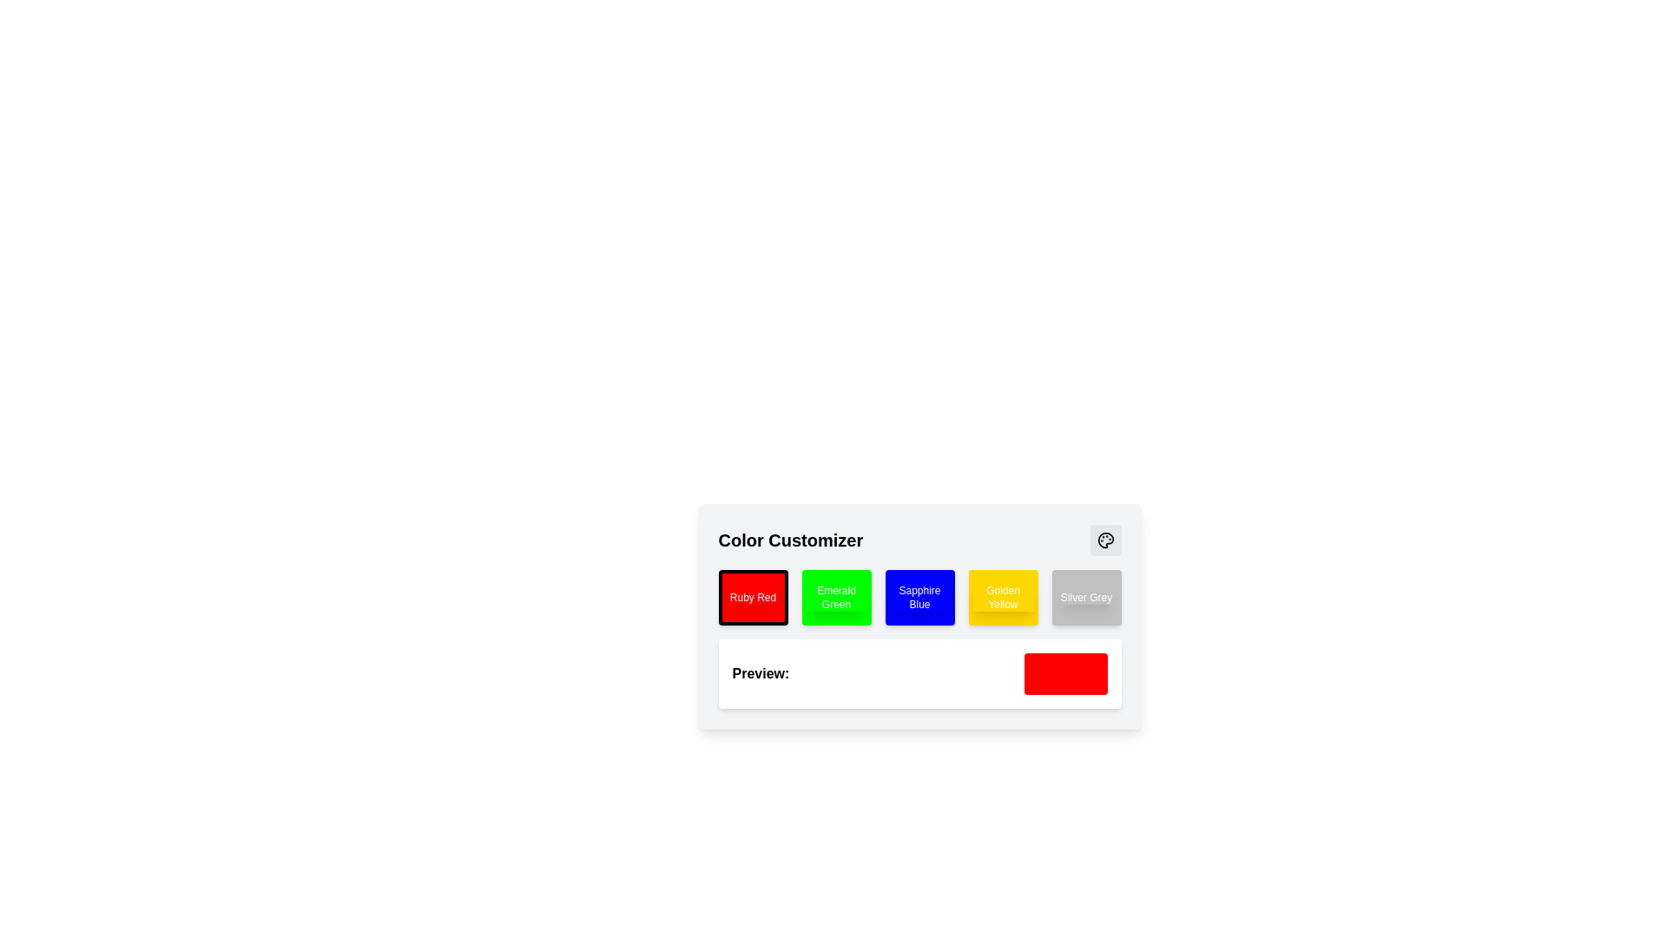  I want to click on the button with a color palette icon located at the rightmost side of the row of color options, so click(1104, 540).